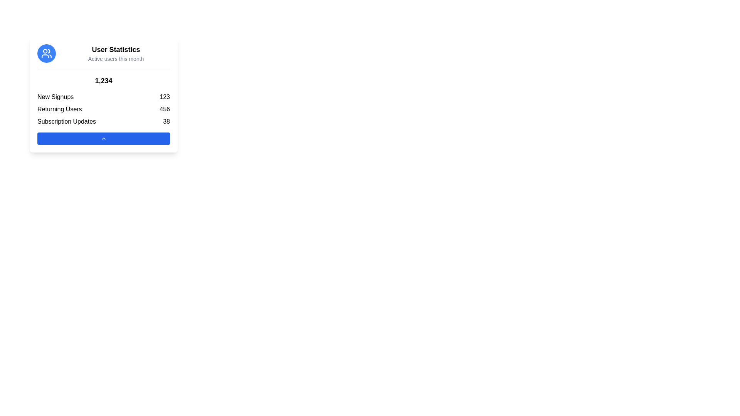  What do you see at coordinates (46, 53) in the screenshot?
I see `the circular blue icon with a white user group symbol located at the top-left corner of the 'User Statistics' section` at bounding box center [46, 53].